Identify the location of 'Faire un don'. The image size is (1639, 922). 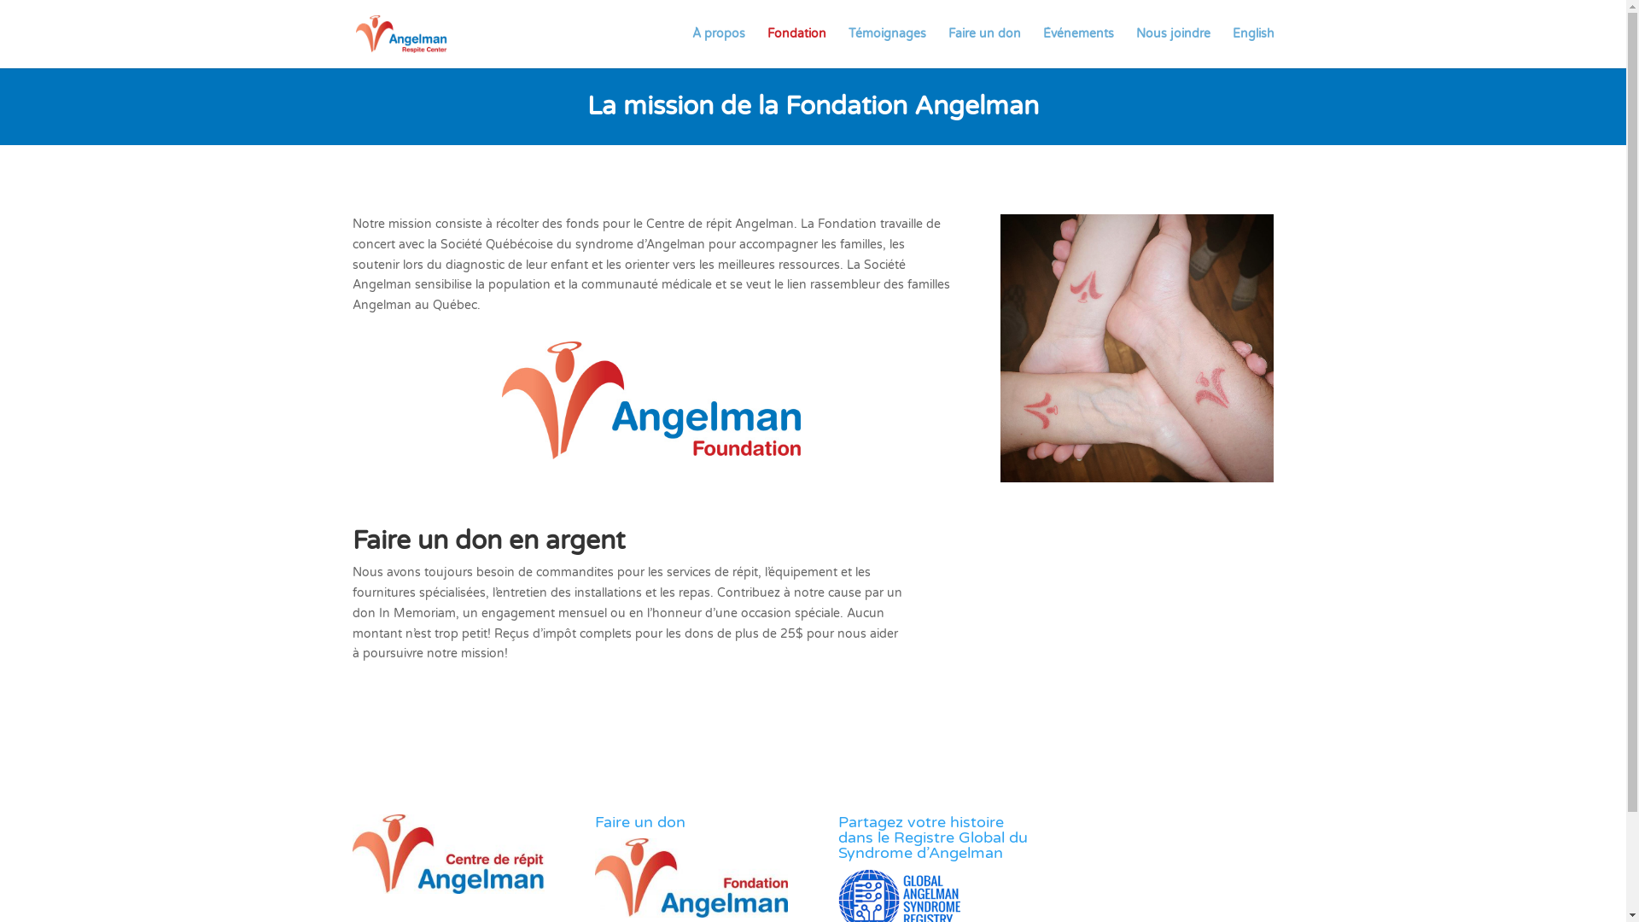
(983, 47).